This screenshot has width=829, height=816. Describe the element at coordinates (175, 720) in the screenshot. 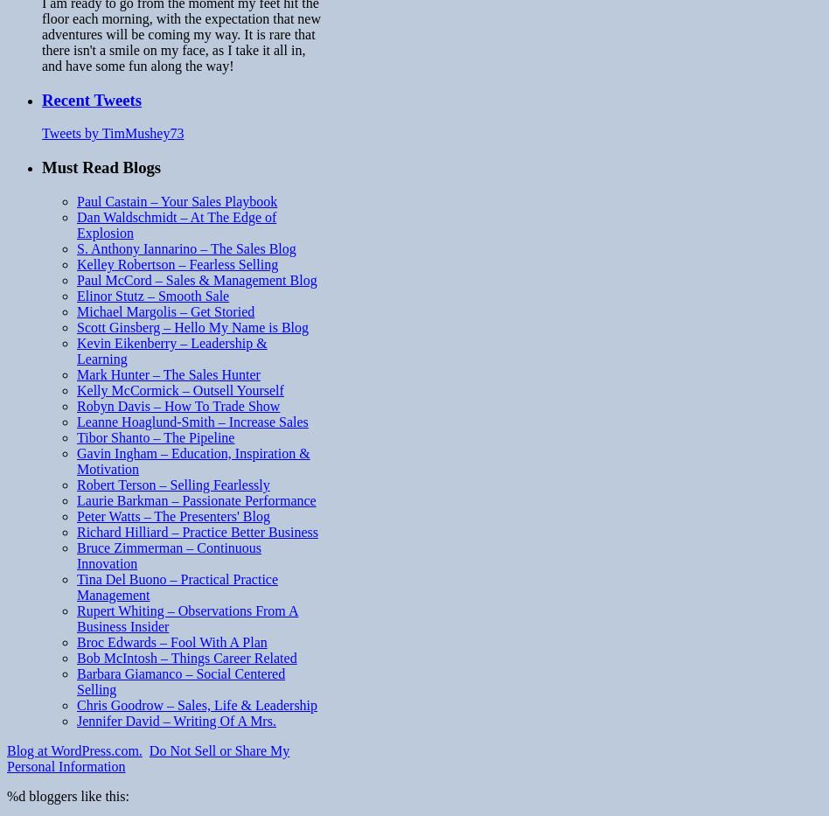

I see `'Jennifer David – Writing Of A Mrs.'` at that location.